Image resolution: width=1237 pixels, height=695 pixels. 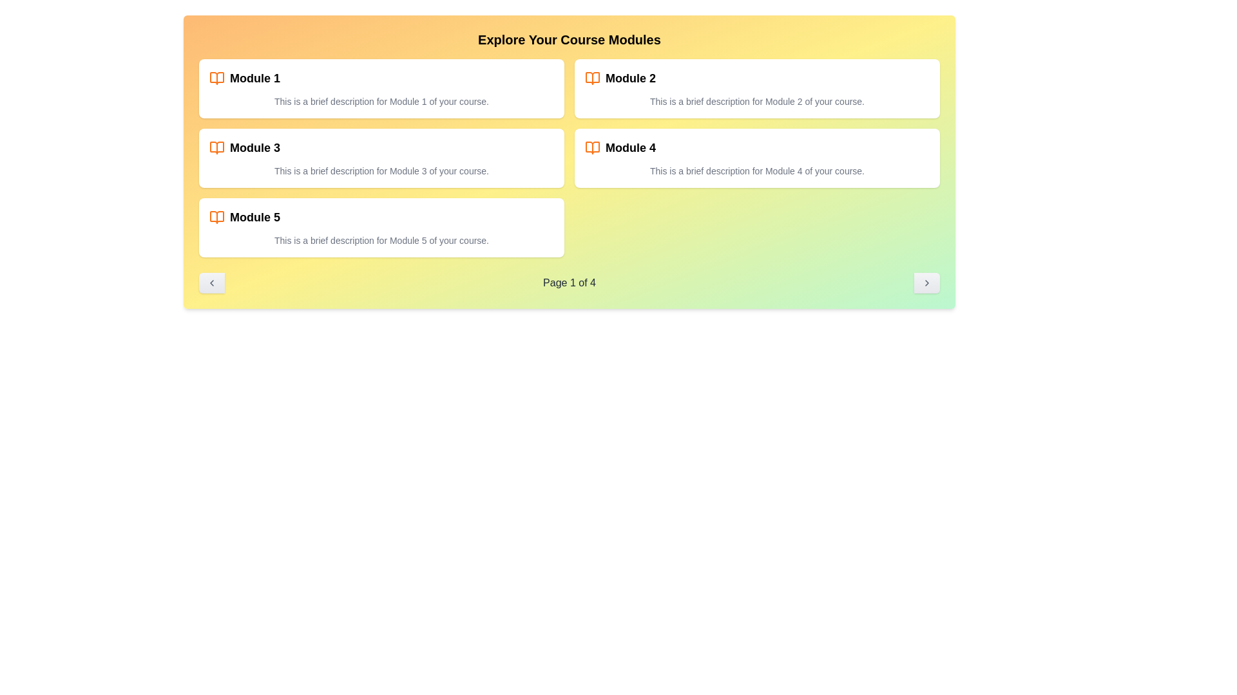 I want to click on the rightmost 'next page' button in the pagination control group, so click(x=926, y=282).